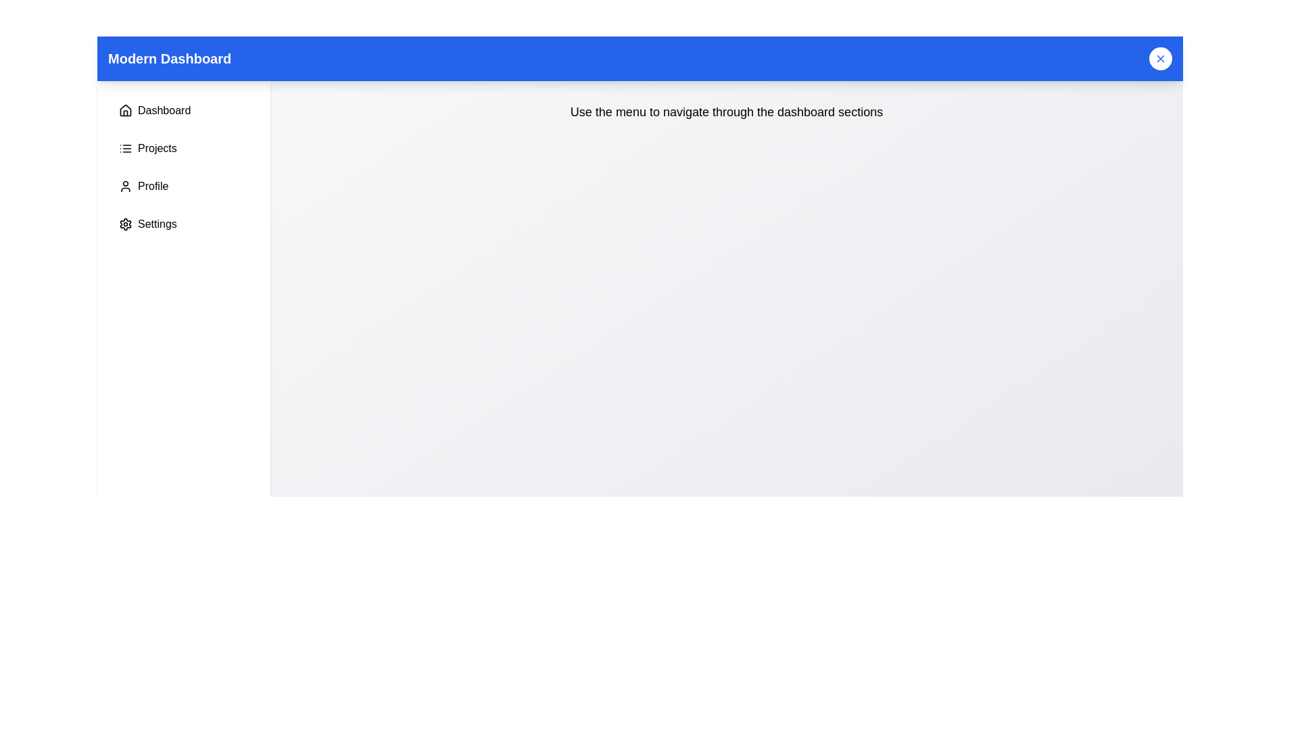 The image size is (1298, 730). Describe the element at coordinates (169, 58) in the screenshot. I see `text displayed in the heading located in the top-left corner of the dashboard interface, which is a blue bar indicating the name or purpose of the current view` at that location.